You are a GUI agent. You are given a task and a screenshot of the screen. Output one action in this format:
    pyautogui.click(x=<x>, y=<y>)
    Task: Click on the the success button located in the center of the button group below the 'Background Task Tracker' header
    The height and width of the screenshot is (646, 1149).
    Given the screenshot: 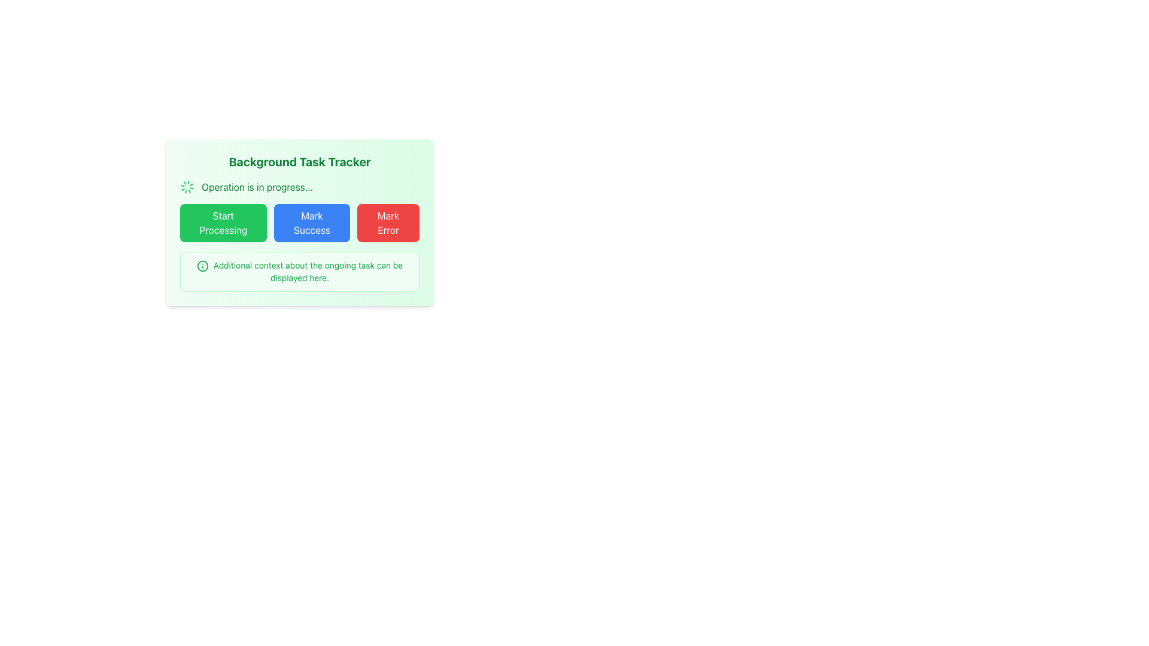 What is the action you would take?
    pyautogui.click(x=312, y=223)
    